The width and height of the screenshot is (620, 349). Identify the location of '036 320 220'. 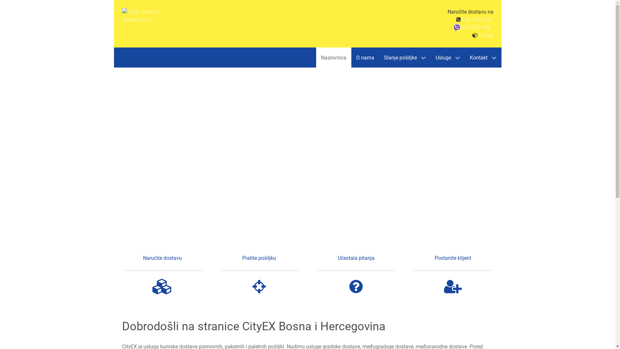
(476, 19).